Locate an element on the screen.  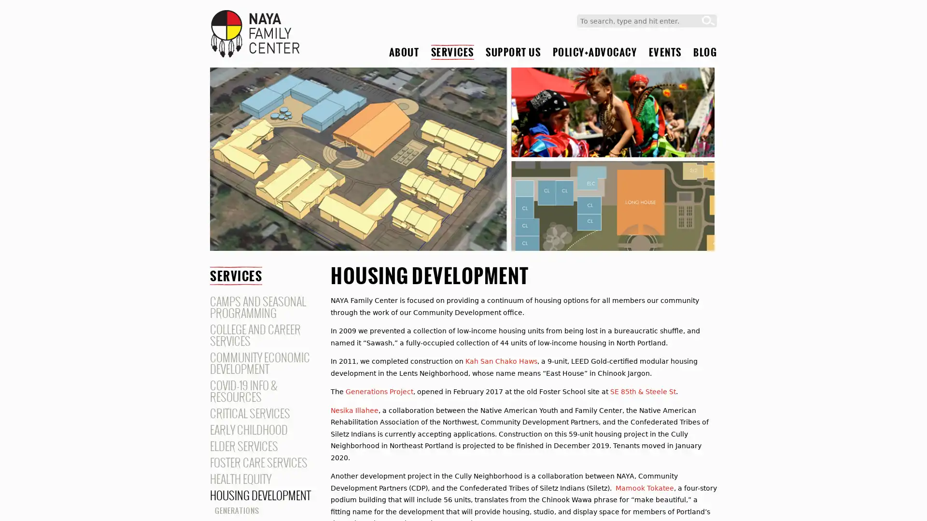
Search is located at coordinates (708, 21).